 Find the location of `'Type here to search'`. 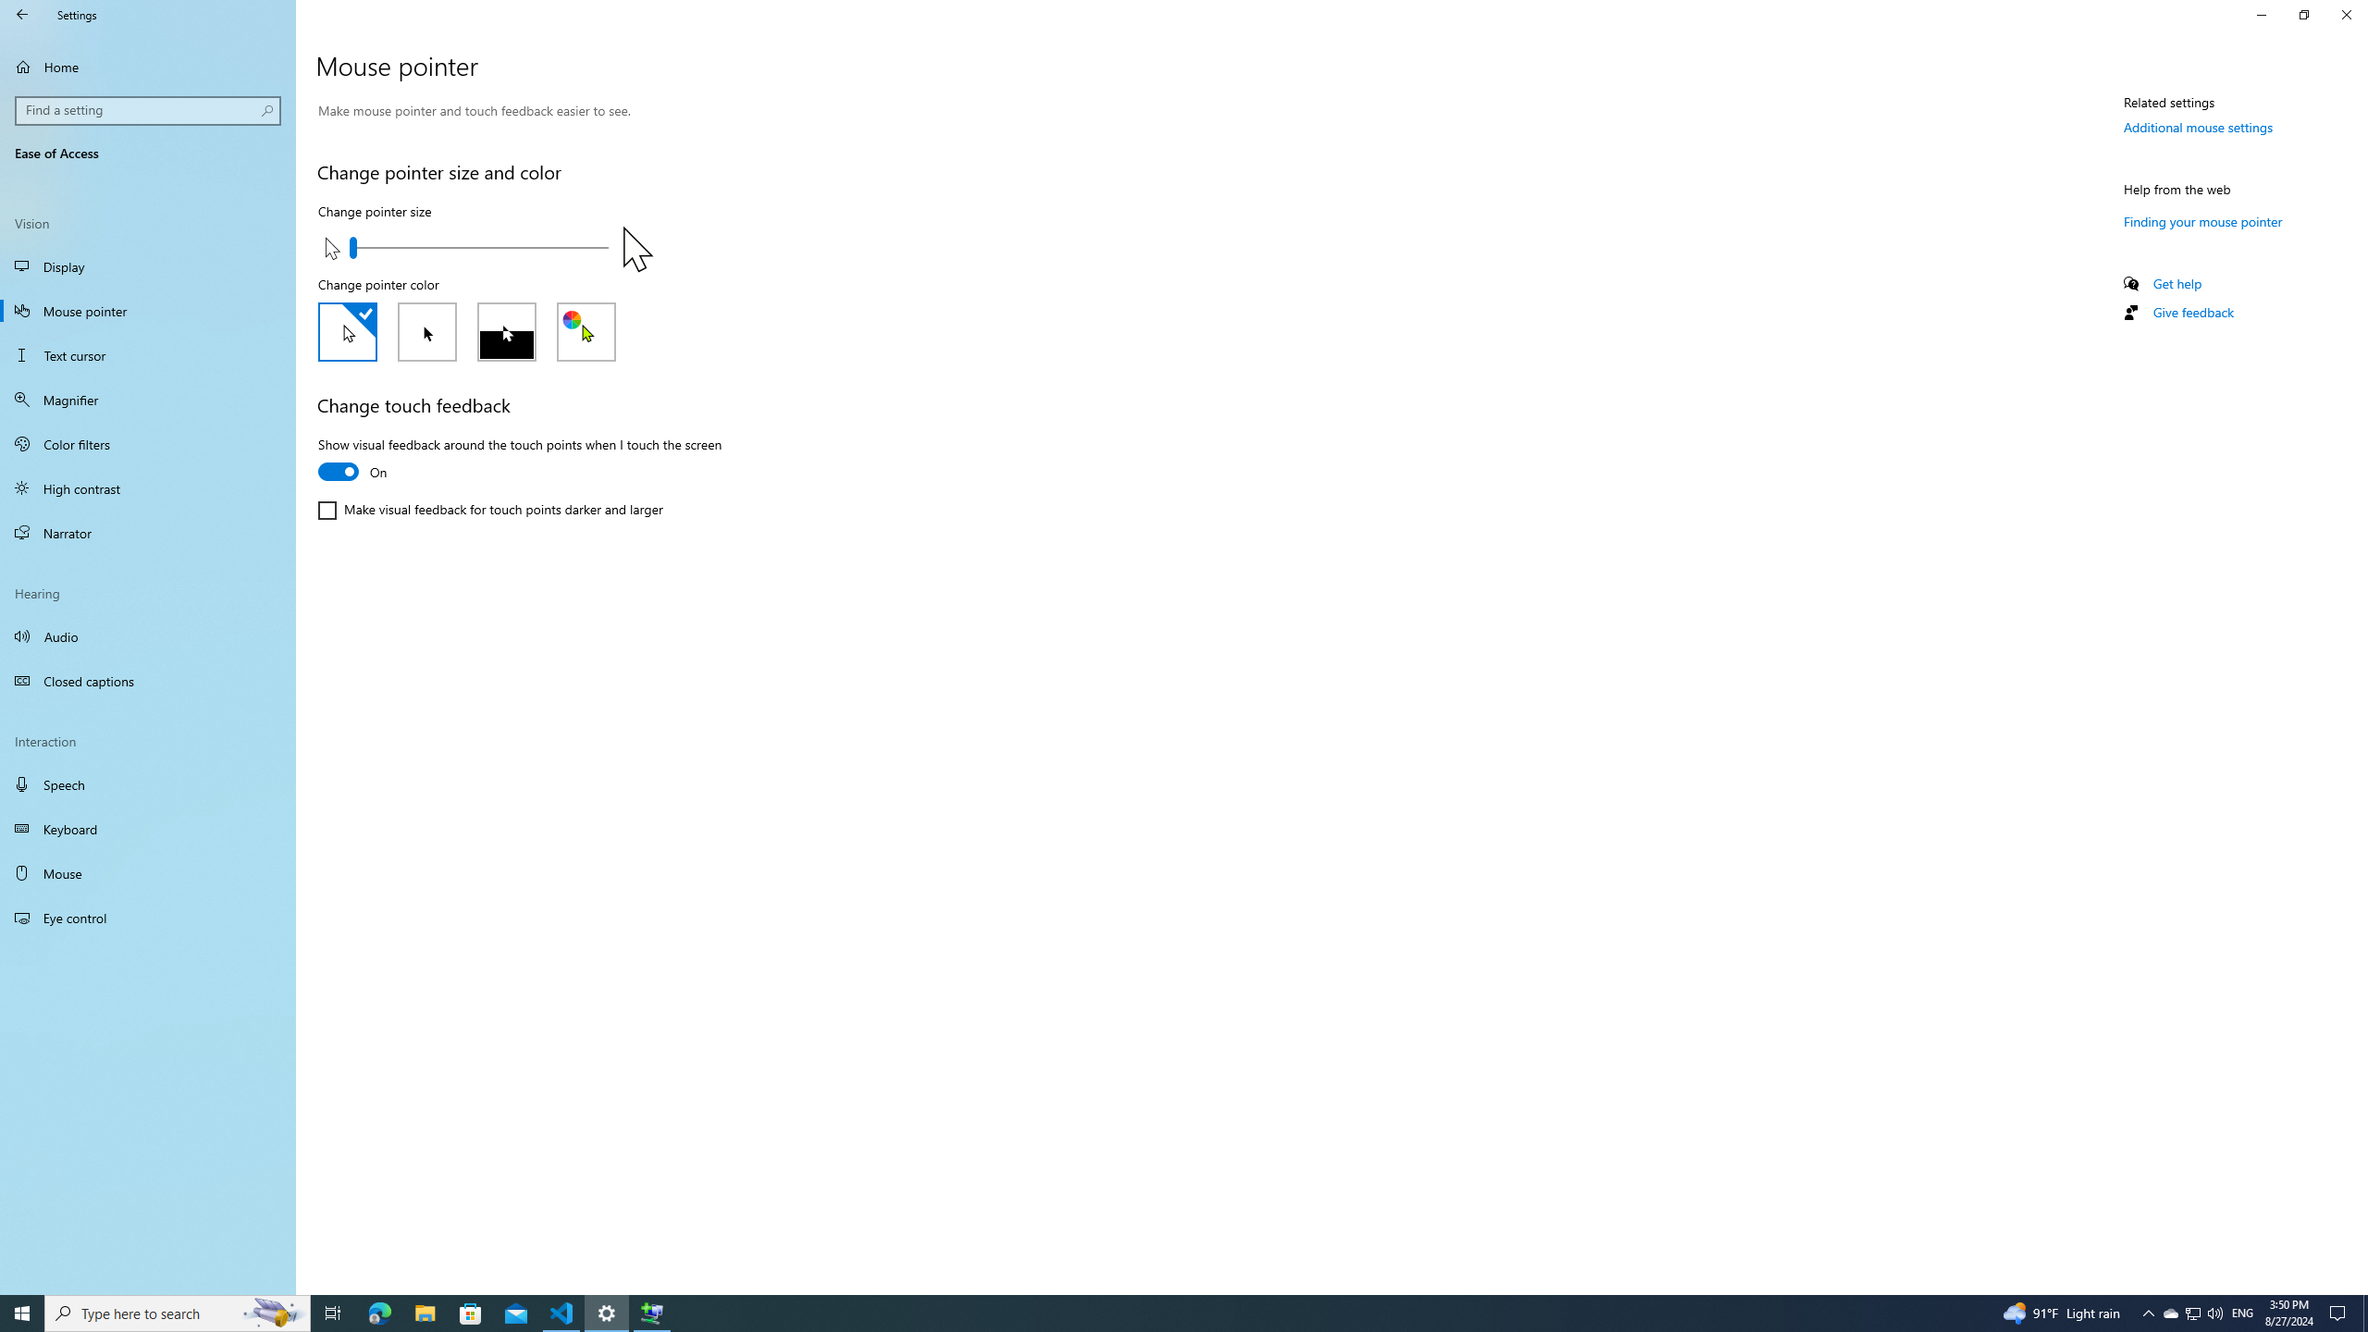

'Type here to search' is located at coordinates (177, 1312).